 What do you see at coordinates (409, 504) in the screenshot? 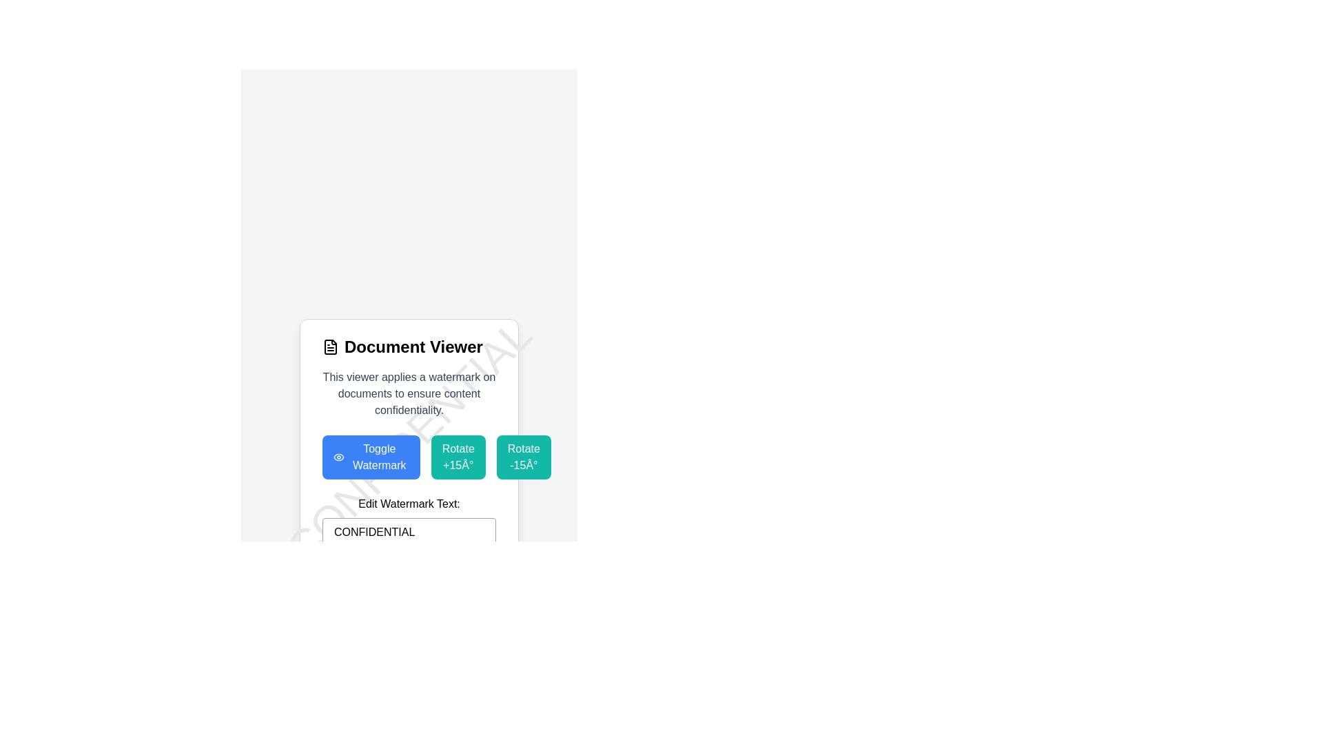
I see `the Text label that indicates the purpose of the text input field for editing the watermark text, located within the section labeled 'mt-6' and positioned above the interactive text input field` at bounding box center [409, 504].